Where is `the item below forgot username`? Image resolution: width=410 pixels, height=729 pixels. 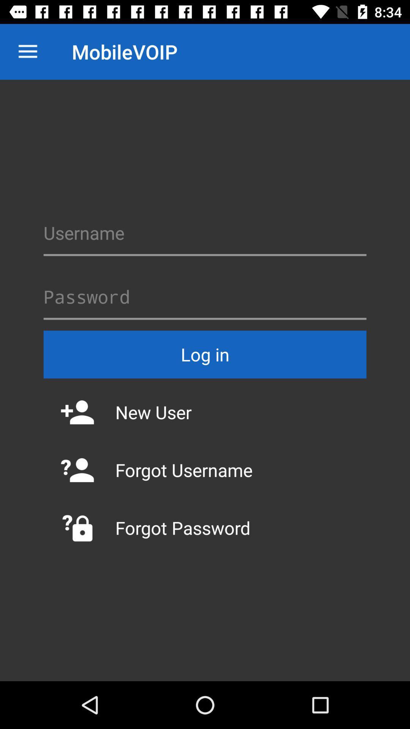 the item below forgot username is located at coordinates (205, 527).